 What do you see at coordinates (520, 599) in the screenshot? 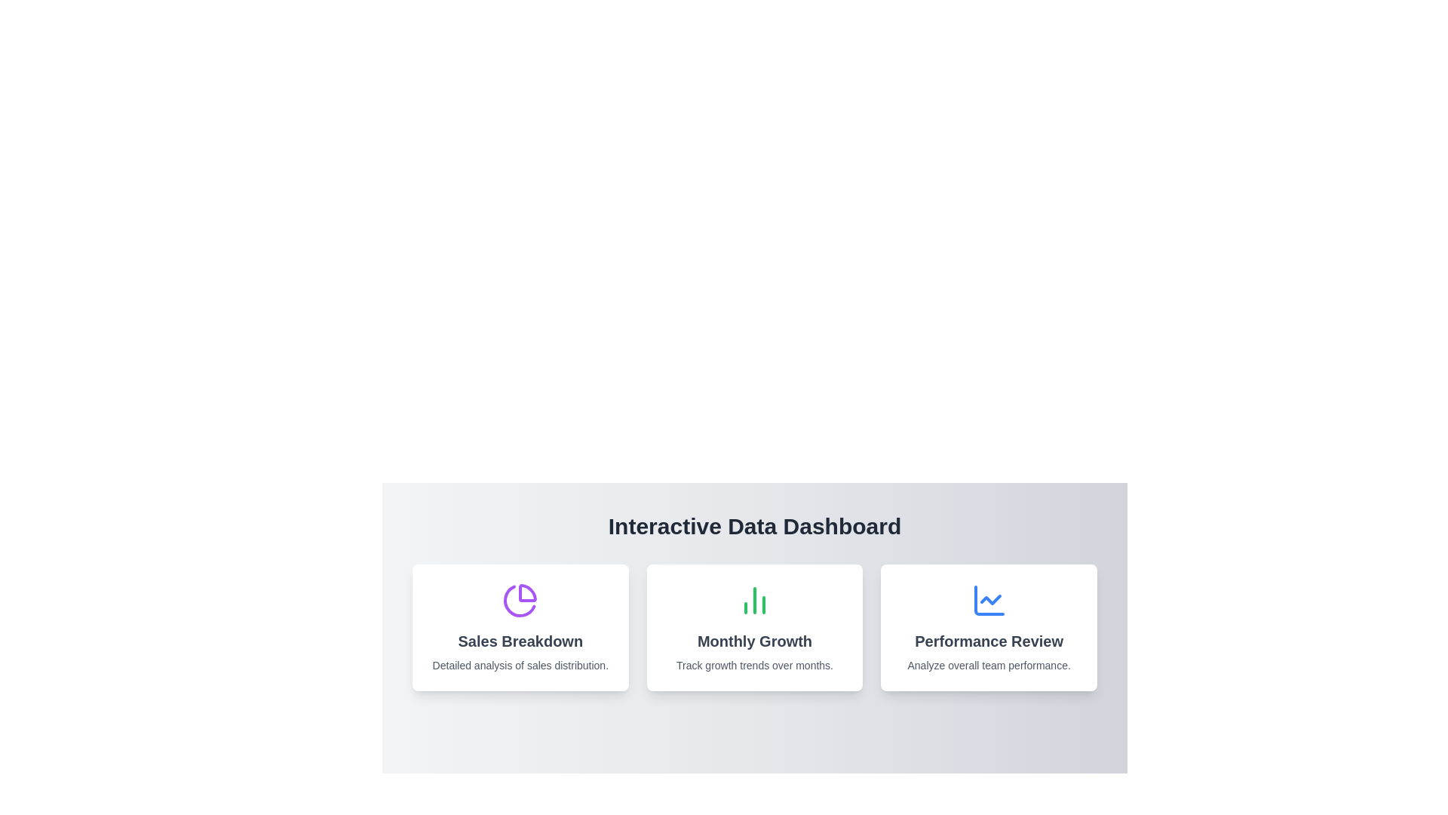
I see `the circular pie chart icon with a purple color located at the top of the 'Sales Breakdown' card` at bounding box center [520, 599].